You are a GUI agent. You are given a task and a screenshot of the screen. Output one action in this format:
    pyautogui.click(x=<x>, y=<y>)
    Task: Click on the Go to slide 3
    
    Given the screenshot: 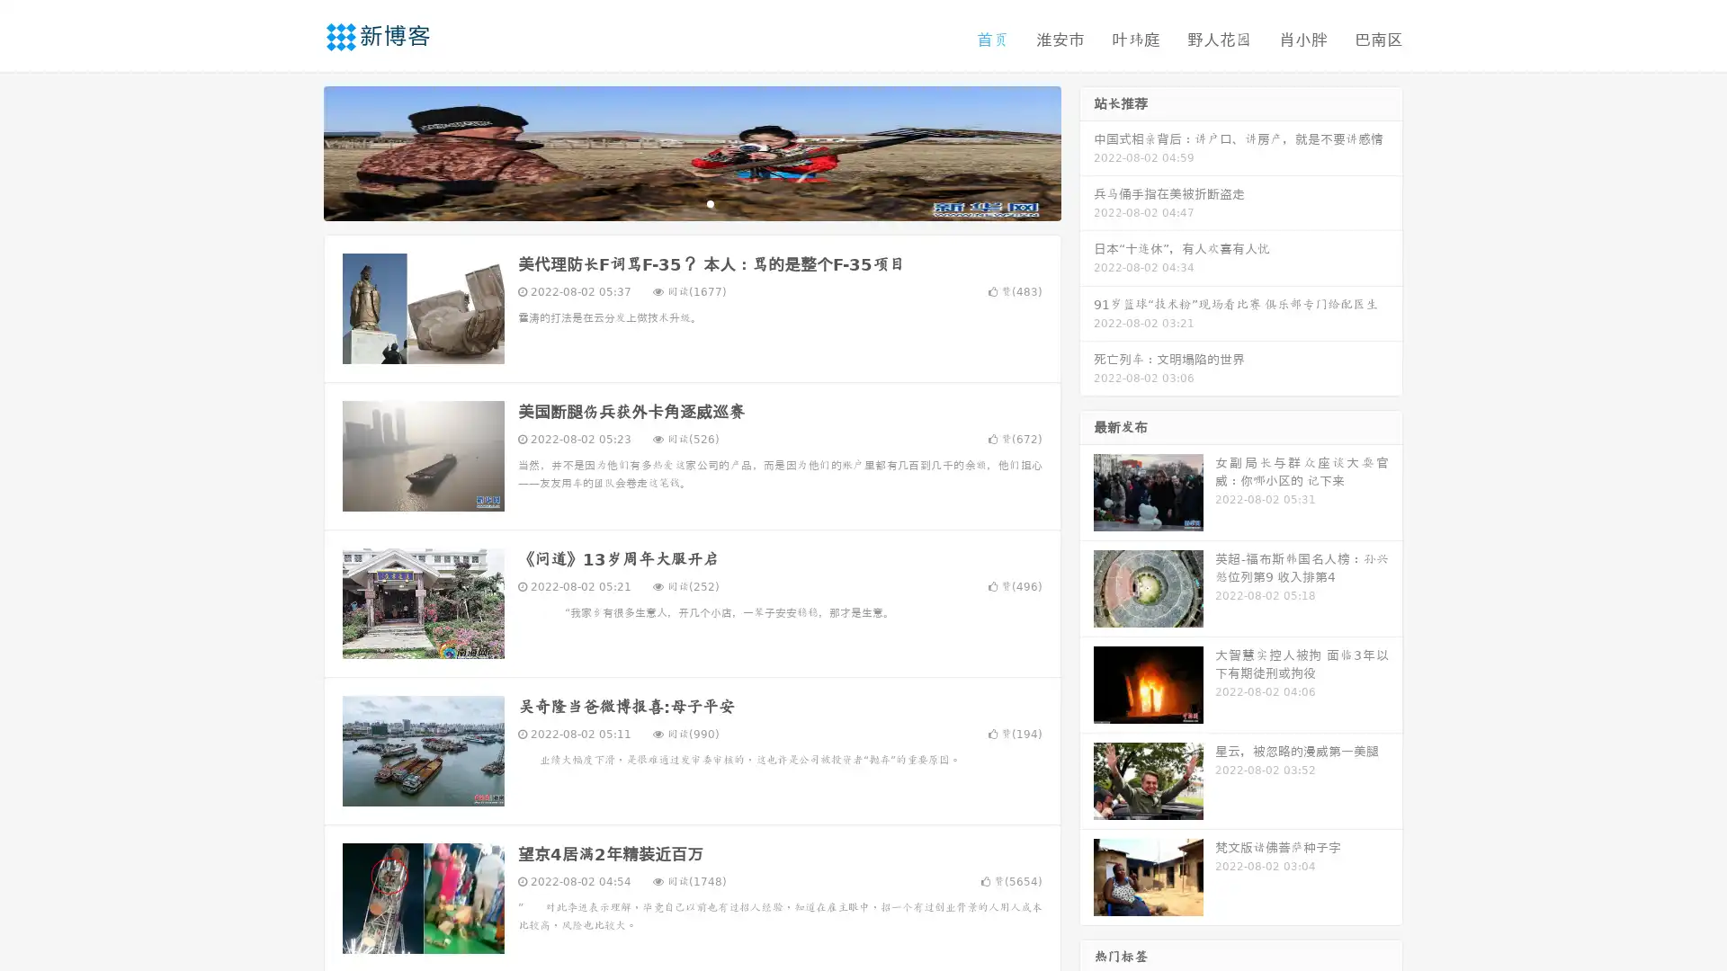 What is the action you would take?
    pyautogui.click(x=710, y=202)
    